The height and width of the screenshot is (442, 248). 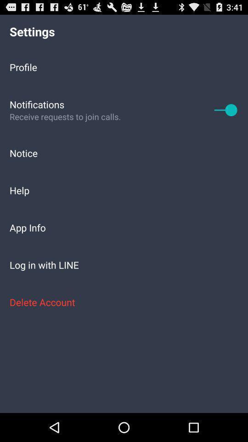 What do you see at coordinates (124, 265) in the screenshot?
I see `log in with app` at bounding box center [124, 265].